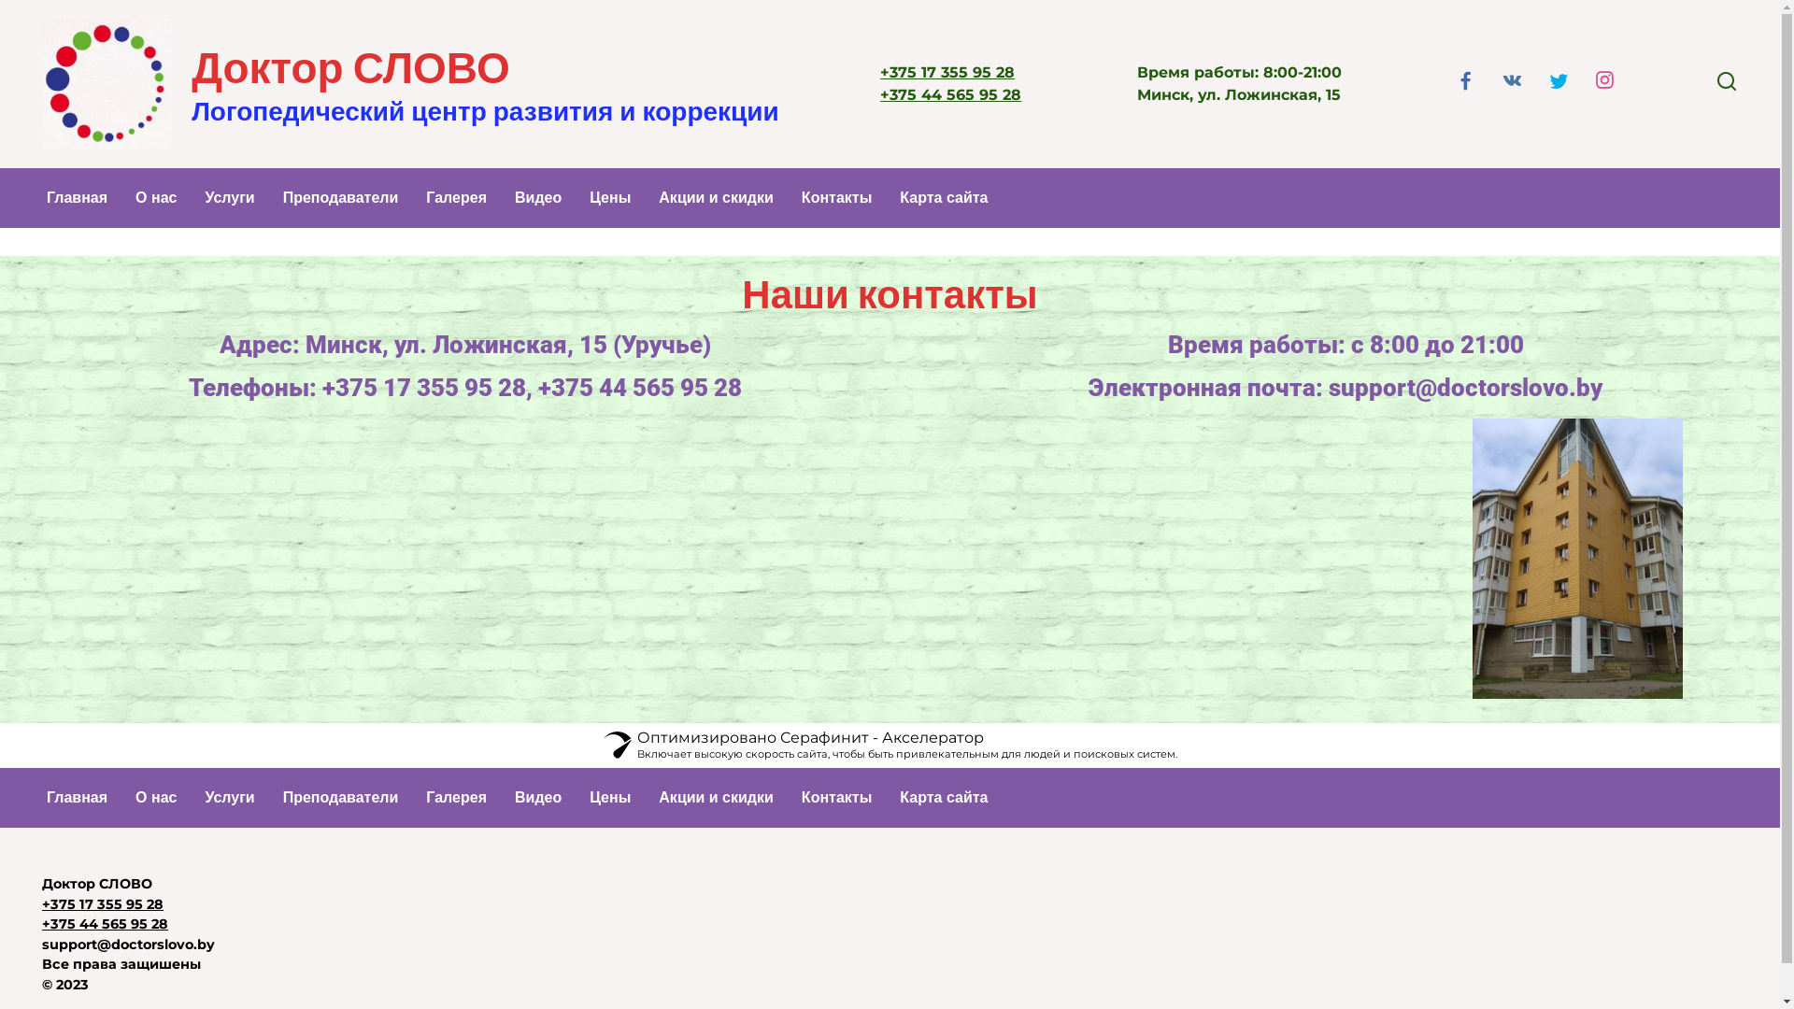 Image resolution: width=1794 pixels, height=1009 pixels. I want to click on '+375 44 565 95 28', so click(950, 94).